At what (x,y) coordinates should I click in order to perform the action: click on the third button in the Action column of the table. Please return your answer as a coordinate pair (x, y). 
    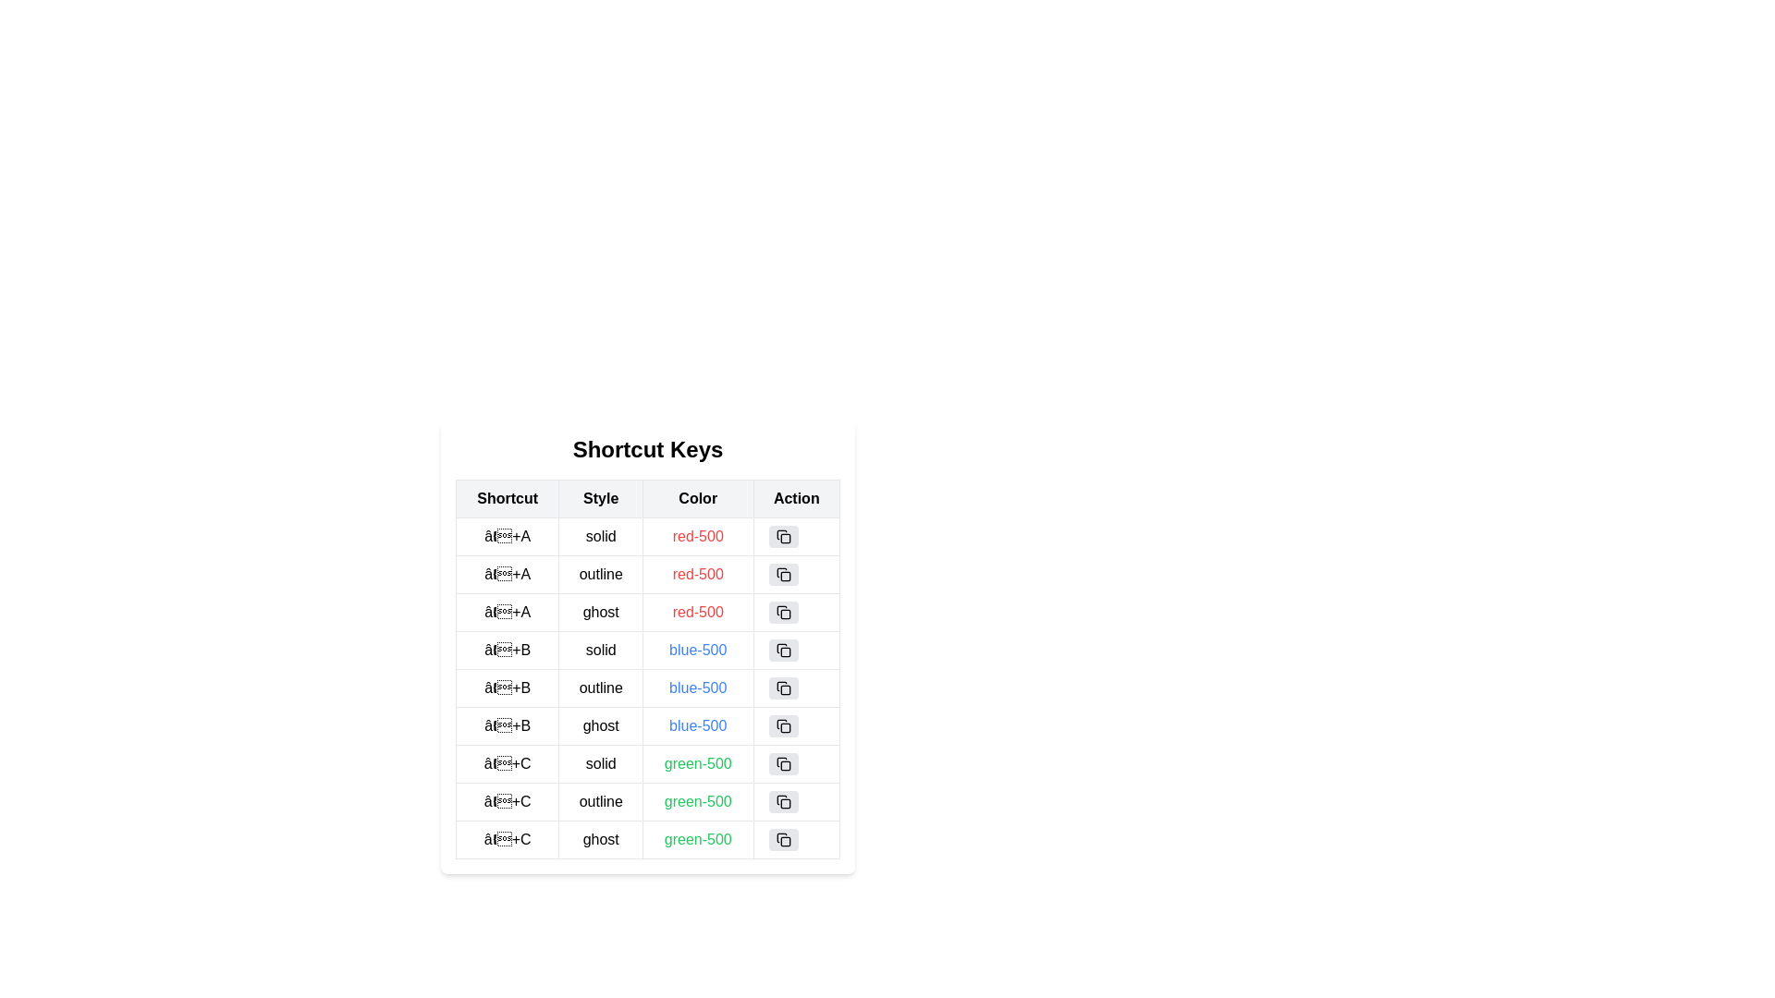
    Looking at the image, I should click on (783, 613).